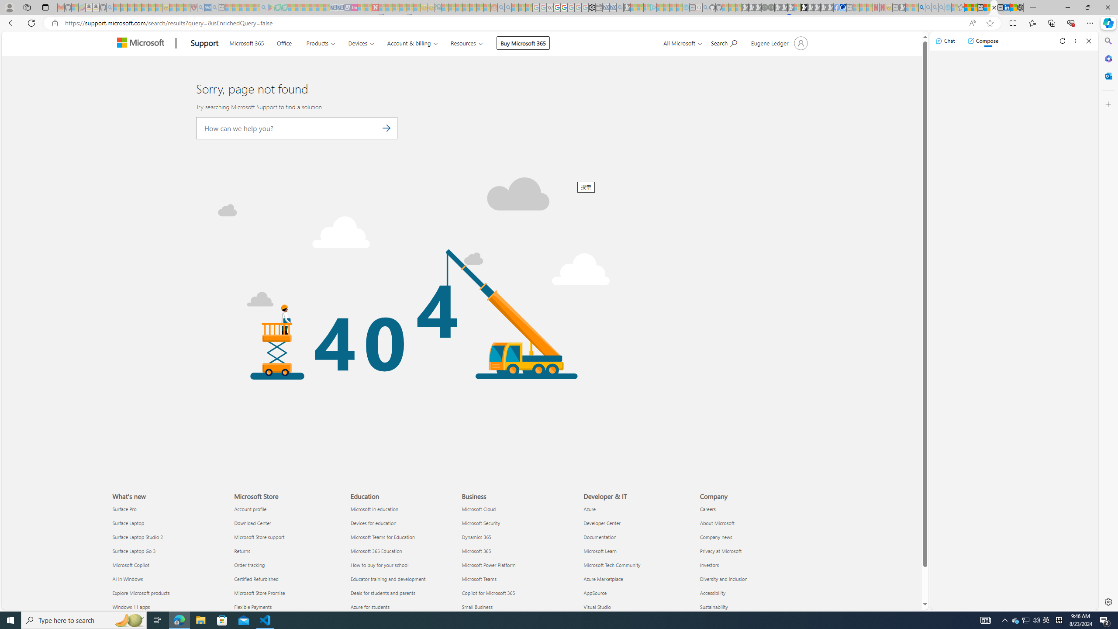 This screenshot has width=1118, height=629. What do you see at coordinates (242, 550) in the screenshot?
I see `'Returns Microsoft Store'` at bounding box center [242, 550].